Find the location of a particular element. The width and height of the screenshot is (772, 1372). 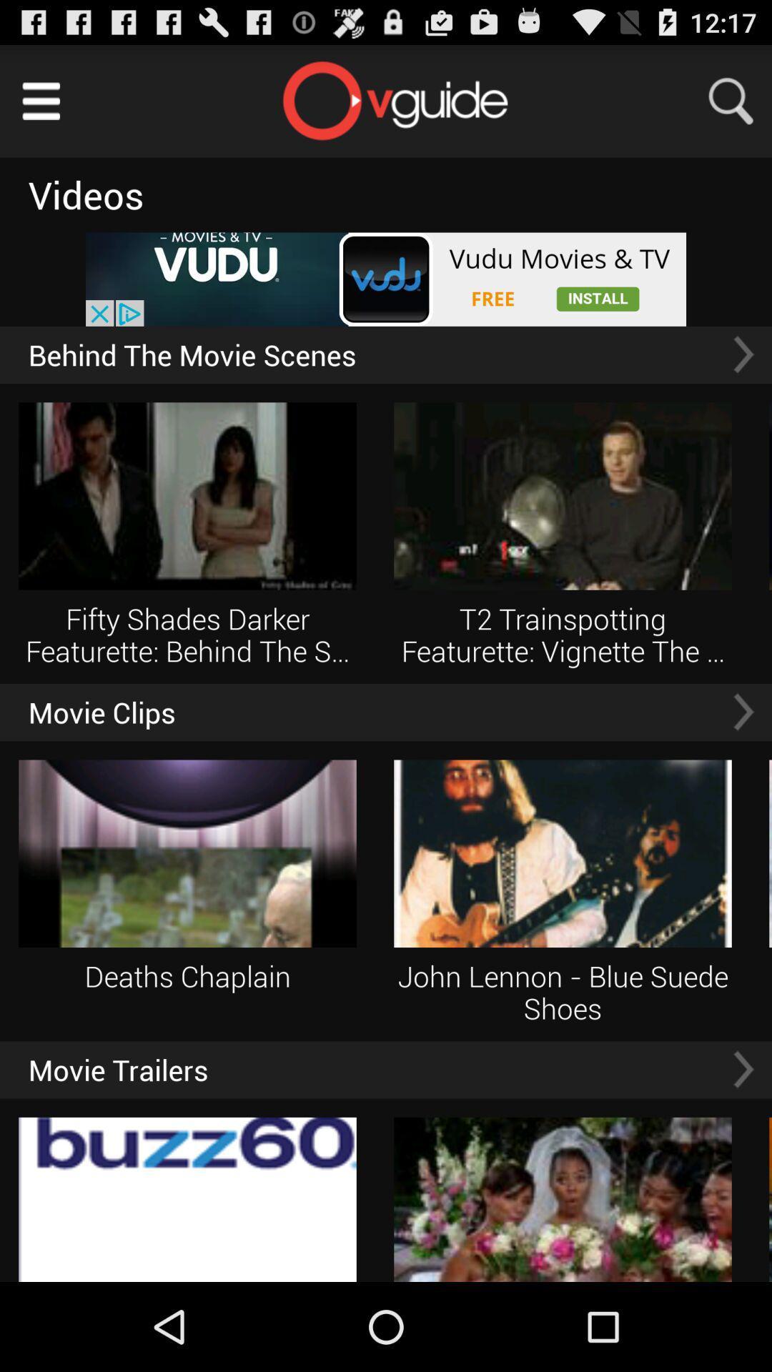

menu button is located at coordinates (40, 100).